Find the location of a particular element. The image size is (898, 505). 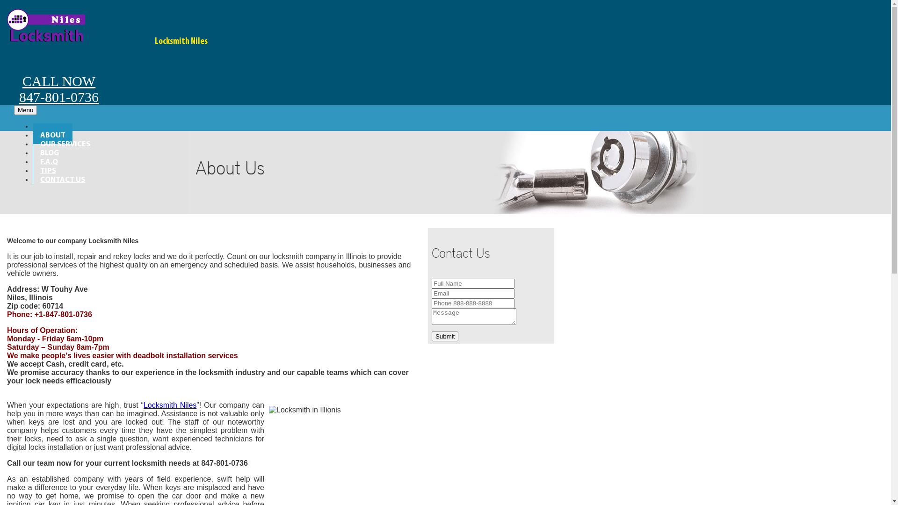

'CONTACT US' is located at coordinates (33, 178).